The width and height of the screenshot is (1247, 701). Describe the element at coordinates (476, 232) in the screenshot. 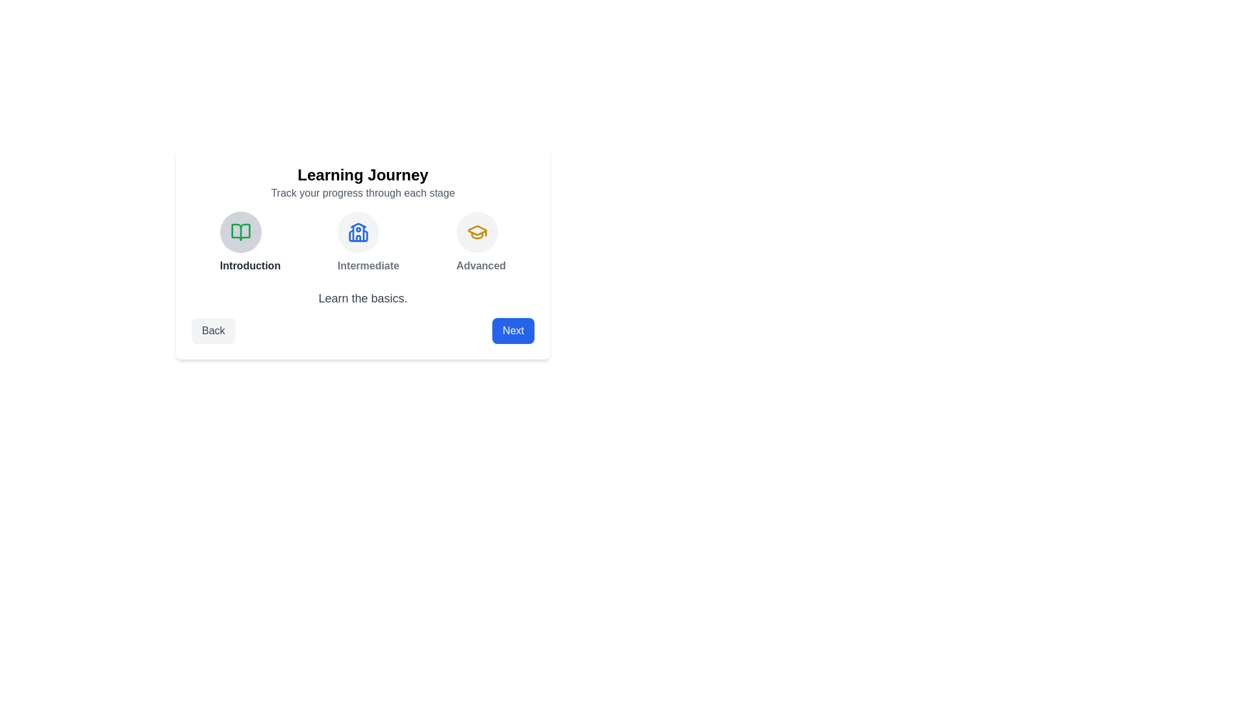

I see `the step icon corresponding to Advanced to navigate to that step` at that location.